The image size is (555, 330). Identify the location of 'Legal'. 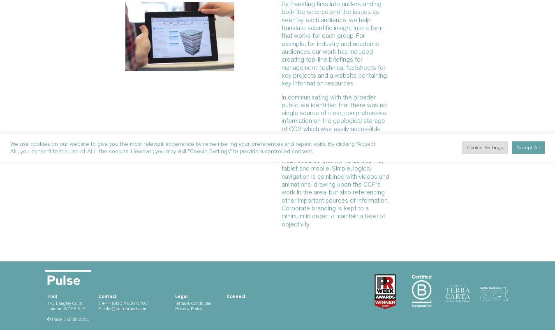
(181, 296).